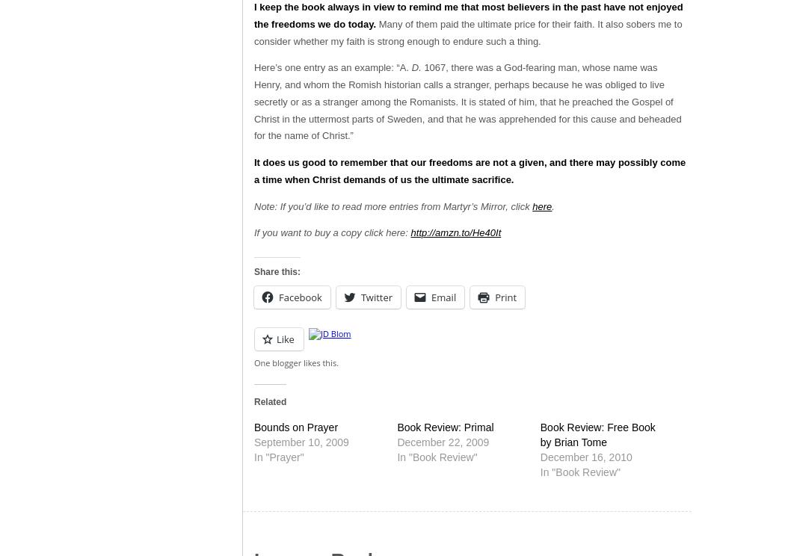 This screenshot has width=785, height=556. Describe the element at coordinates (253, 170) in the screenshot. I see `'It does us good to remember that our freedoms are not a given, and there may possibly come a time when Christ demands of us the ultimate sacrifice.'` at that location.